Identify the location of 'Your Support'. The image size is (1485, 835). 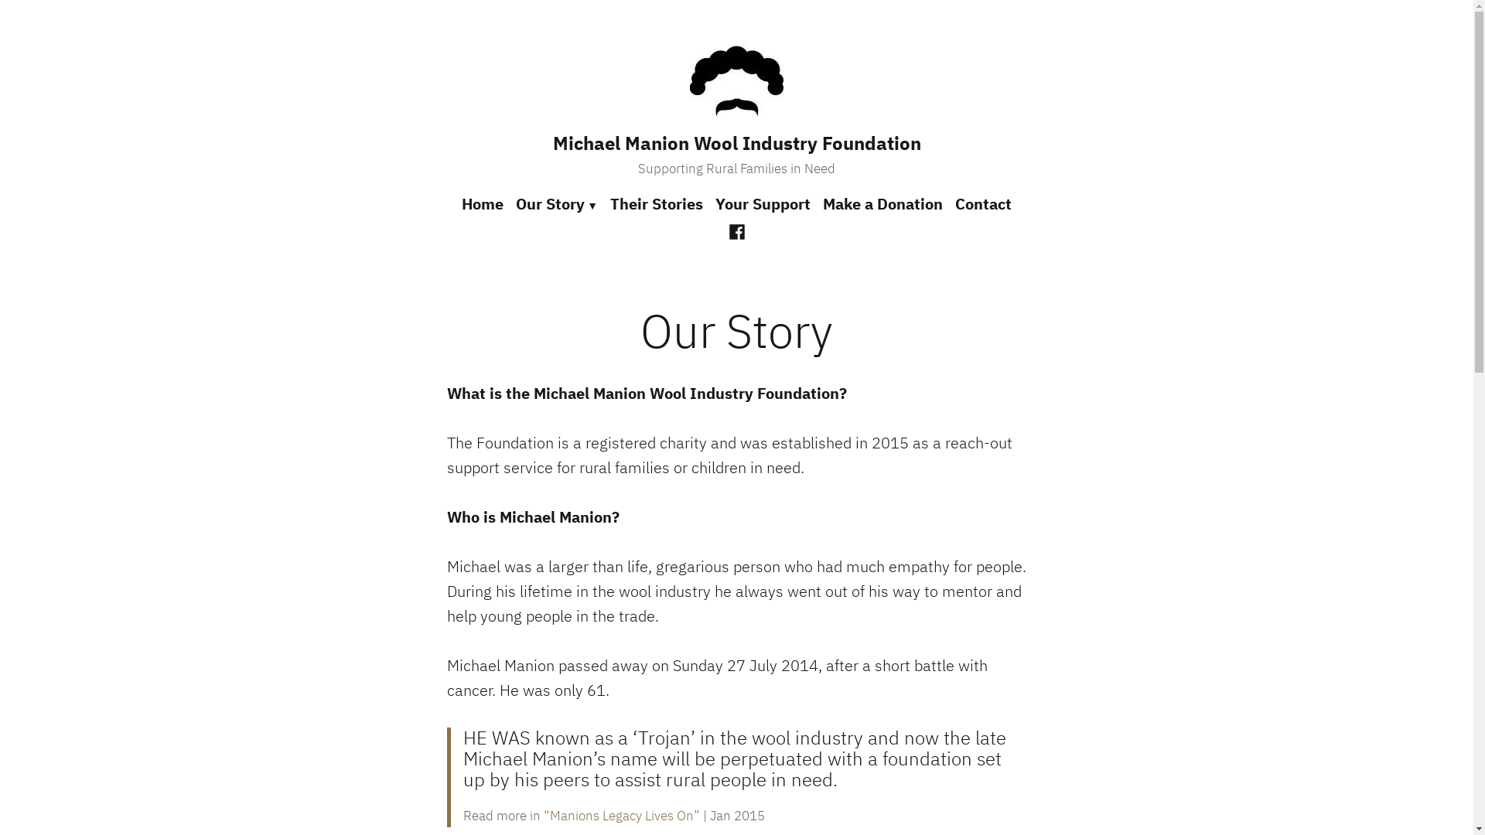
(708, 204).